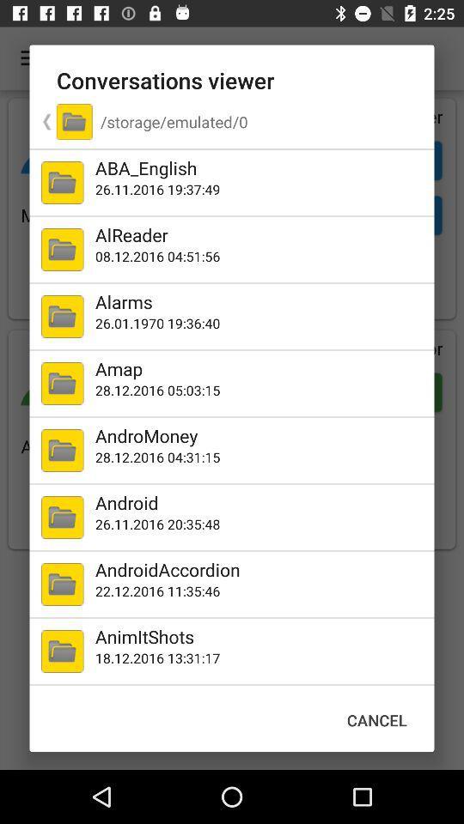  Describe the element at coordinates (260, 167) in the screenshot. I see `item above the 26 11 2016 icon` at that location.